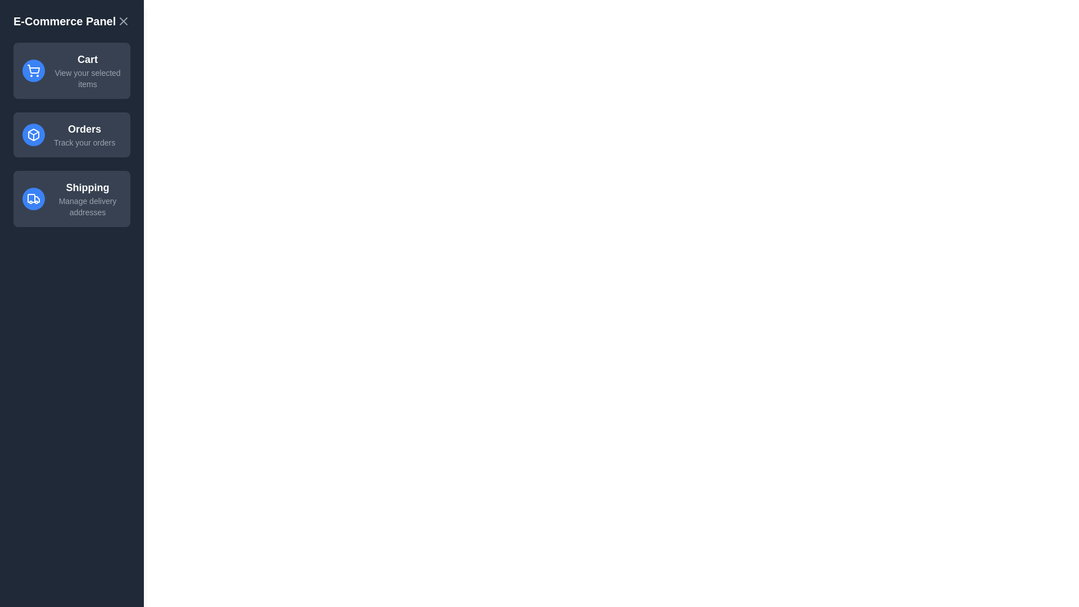 This screenshot has height=607, width=1079. What do you see at coordinates (71, 134) in the screenshot?
I see `the 'Orders' option in the ECommerceDrawer` at bounding box center [71, 134].